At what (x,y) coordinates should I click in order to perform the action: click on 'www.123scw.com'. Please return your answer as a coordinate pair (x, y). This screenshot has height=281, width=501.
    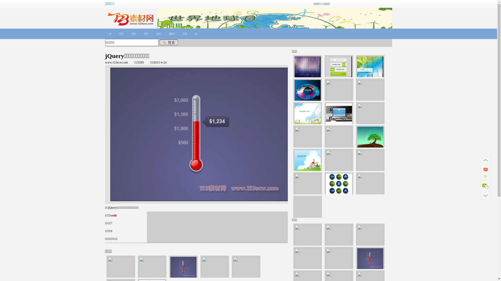
    Looking at the image, I should click on (116, 62).